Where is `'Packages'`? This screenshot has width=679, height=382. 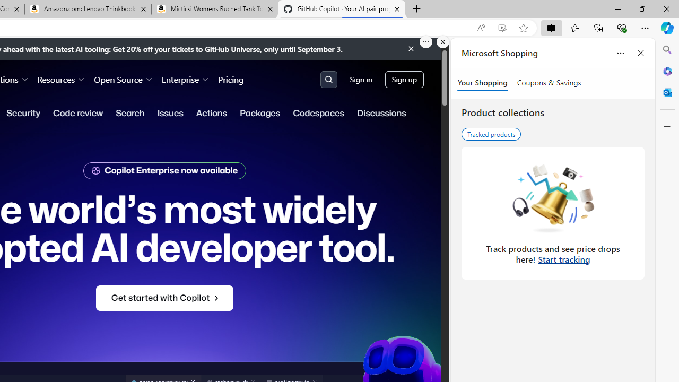 'Packages' is located at coordinates (260, 113).